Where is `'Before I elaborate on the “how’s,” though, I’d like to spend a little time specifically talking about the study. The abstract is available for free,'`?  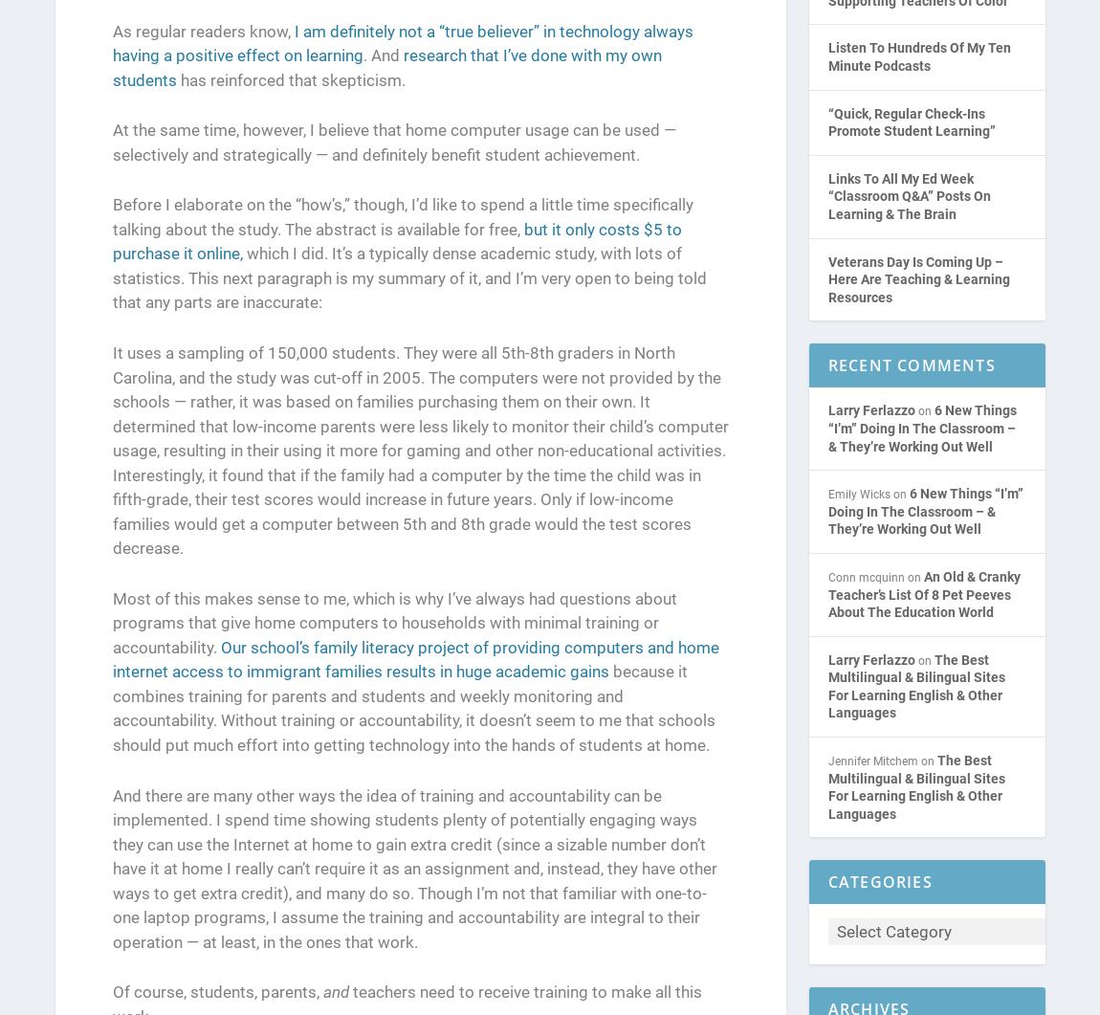 'Before I elaborate on the “how’s,” though, I’d like to spend a little time specifically talking about the study. The abstract is available for free,' is located at coordinates (402, 216).